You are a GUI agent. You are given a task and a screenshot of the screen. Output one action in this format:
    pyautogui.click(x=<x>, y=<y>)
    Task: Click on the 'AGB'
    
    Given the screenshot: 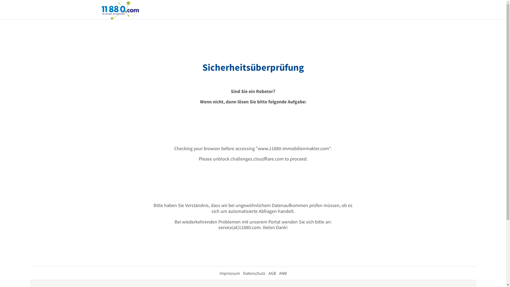 What is the action you would take?
    pyautogui.click(x=272, y=273)
    